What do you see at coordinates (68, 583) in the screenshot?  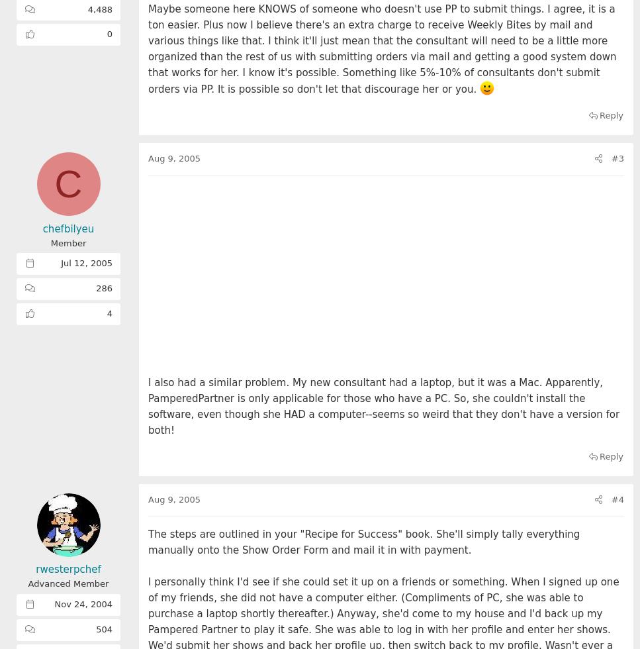 I see `'Advanced Member'` at bounding box center [68, 583].